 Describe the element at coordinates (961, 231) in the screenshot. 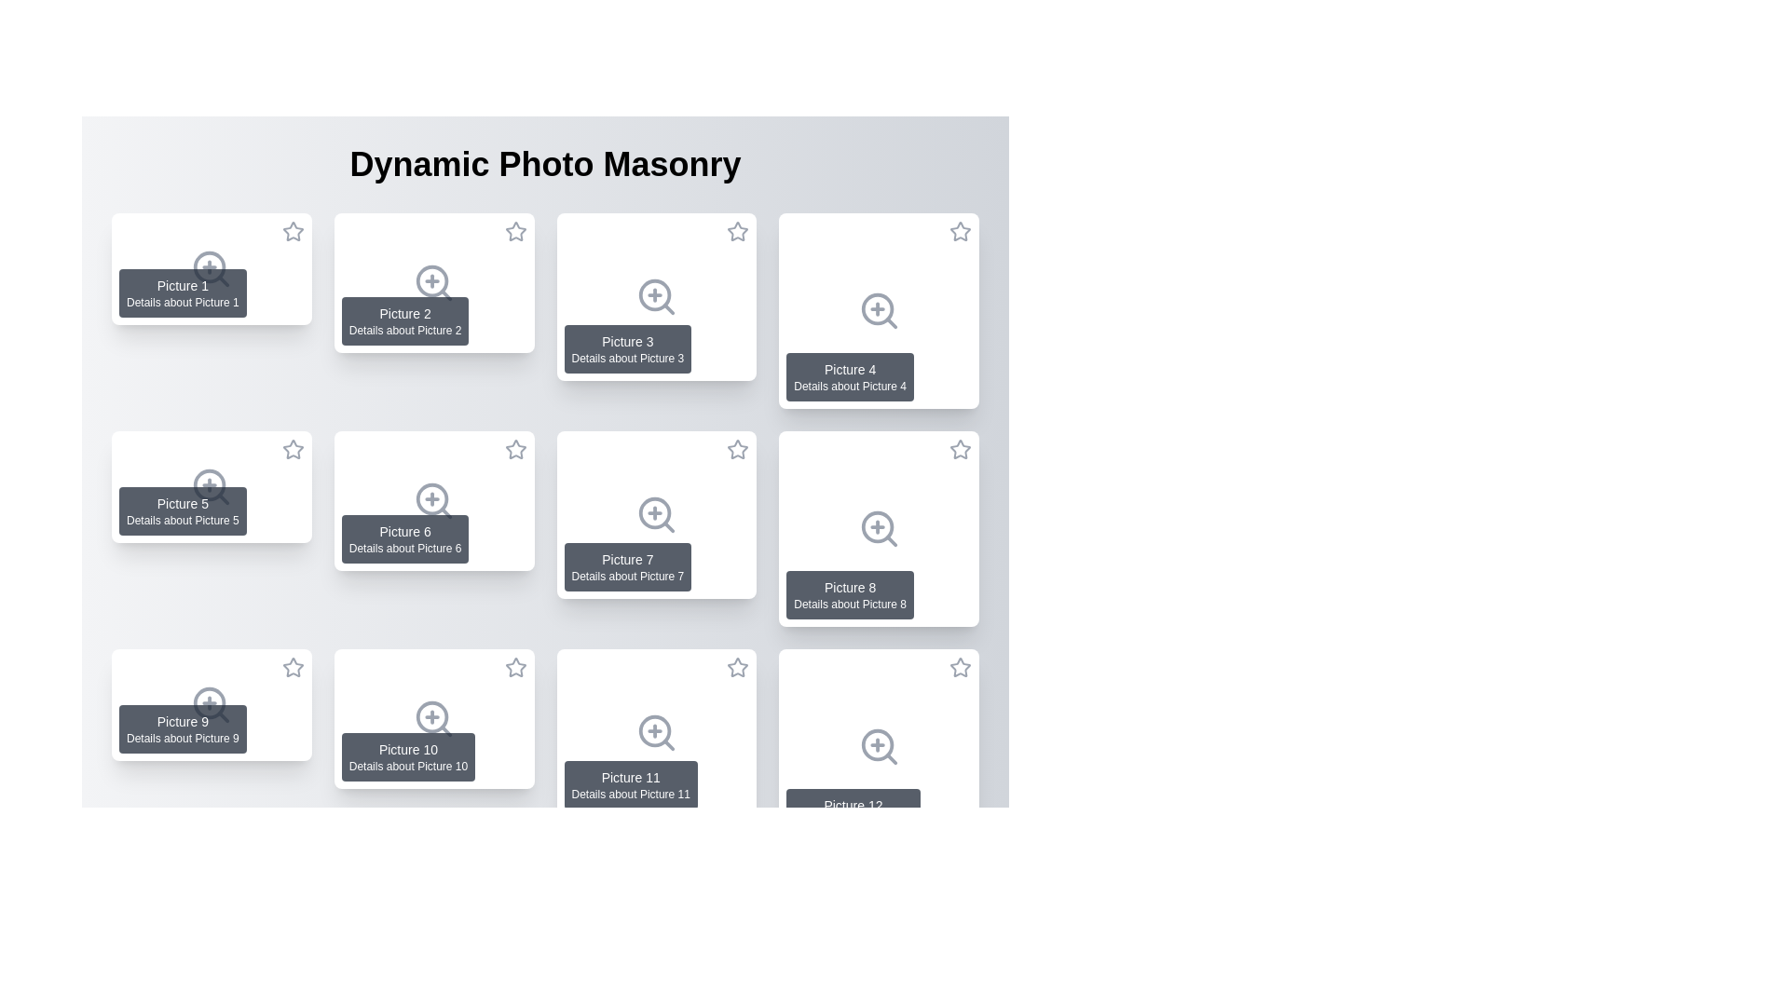

I see `the hollow star icon in the top-right corner of the fourth tile labeled 'Picture 4'` at that location.